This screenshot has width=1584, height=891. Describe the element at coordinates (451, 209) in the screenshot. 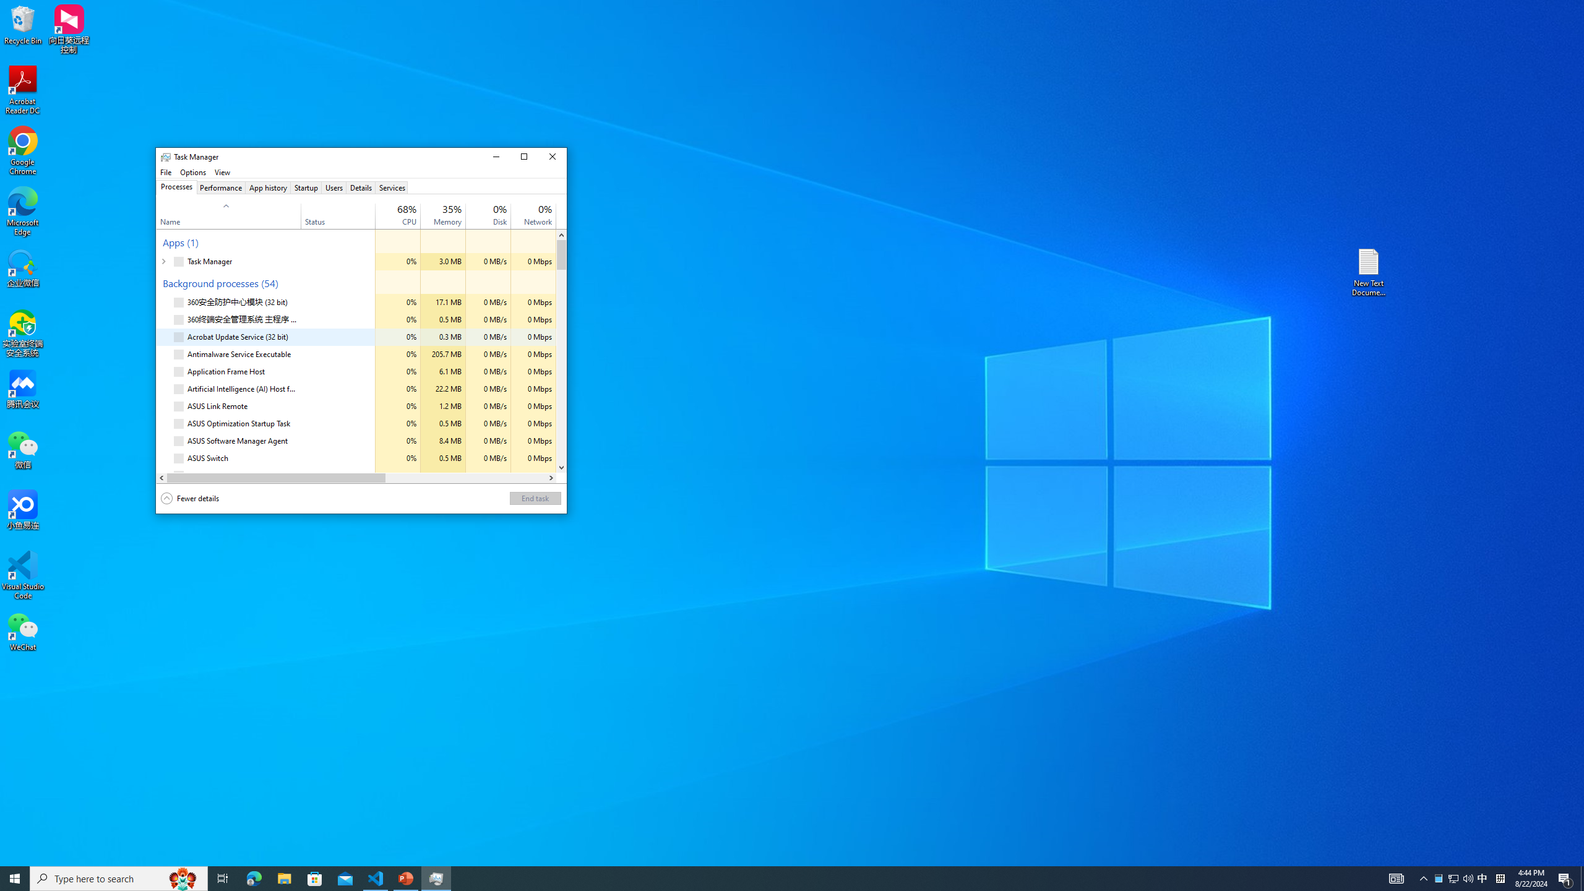

I see `'36%'` at that location.